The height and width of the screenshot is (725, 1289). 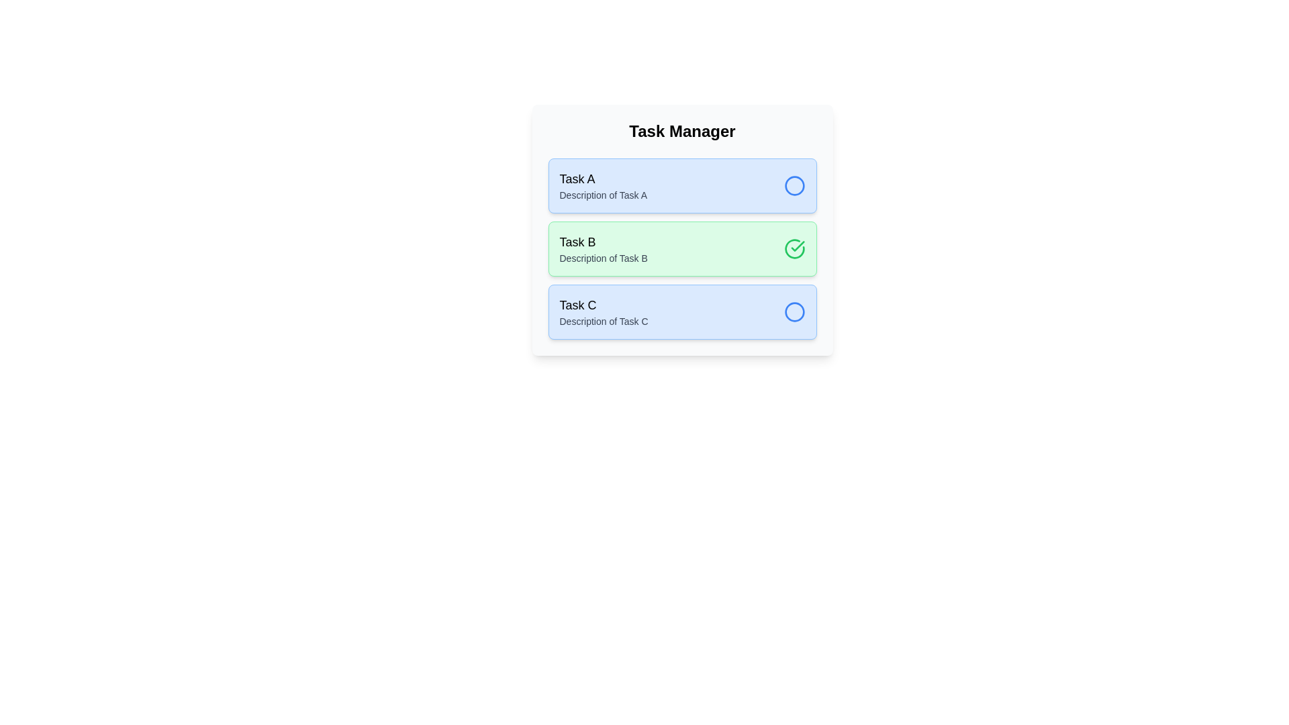 What do you see at coordinates (794, 186) in the screenshot?
I see `the visual indicator icon associated with the 'Task A' card in the Task Manager interface, located on the far right side of the card` at bounding box center [794, 186].